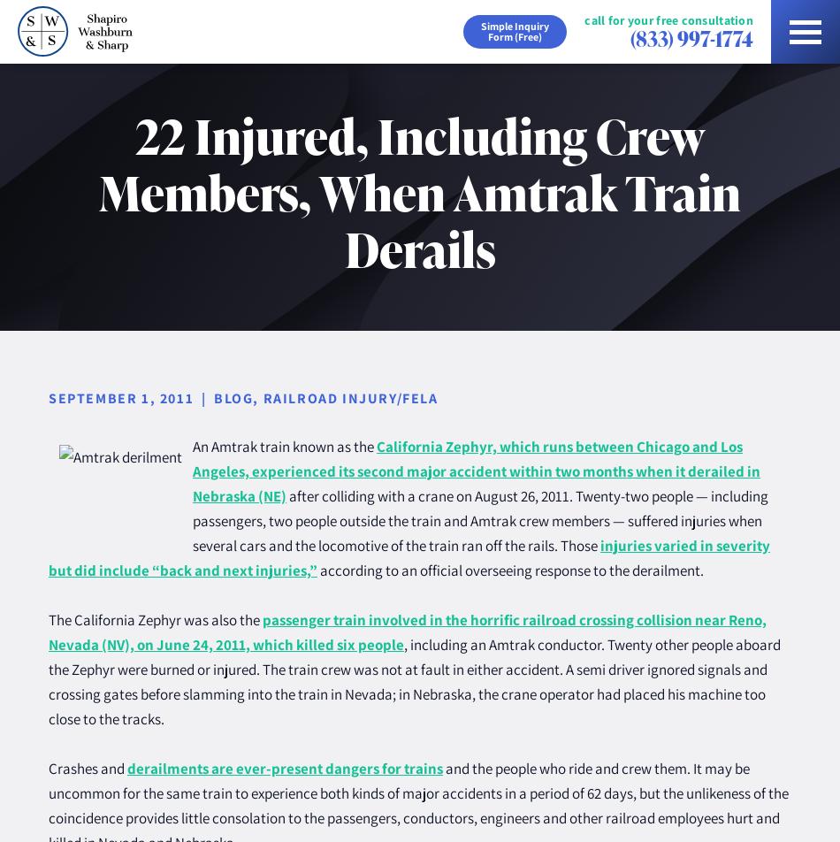  What do you see at coordinates (88, 768) in the screenshot?
I see `'Crashes and'` at bounding box center [88, 768].